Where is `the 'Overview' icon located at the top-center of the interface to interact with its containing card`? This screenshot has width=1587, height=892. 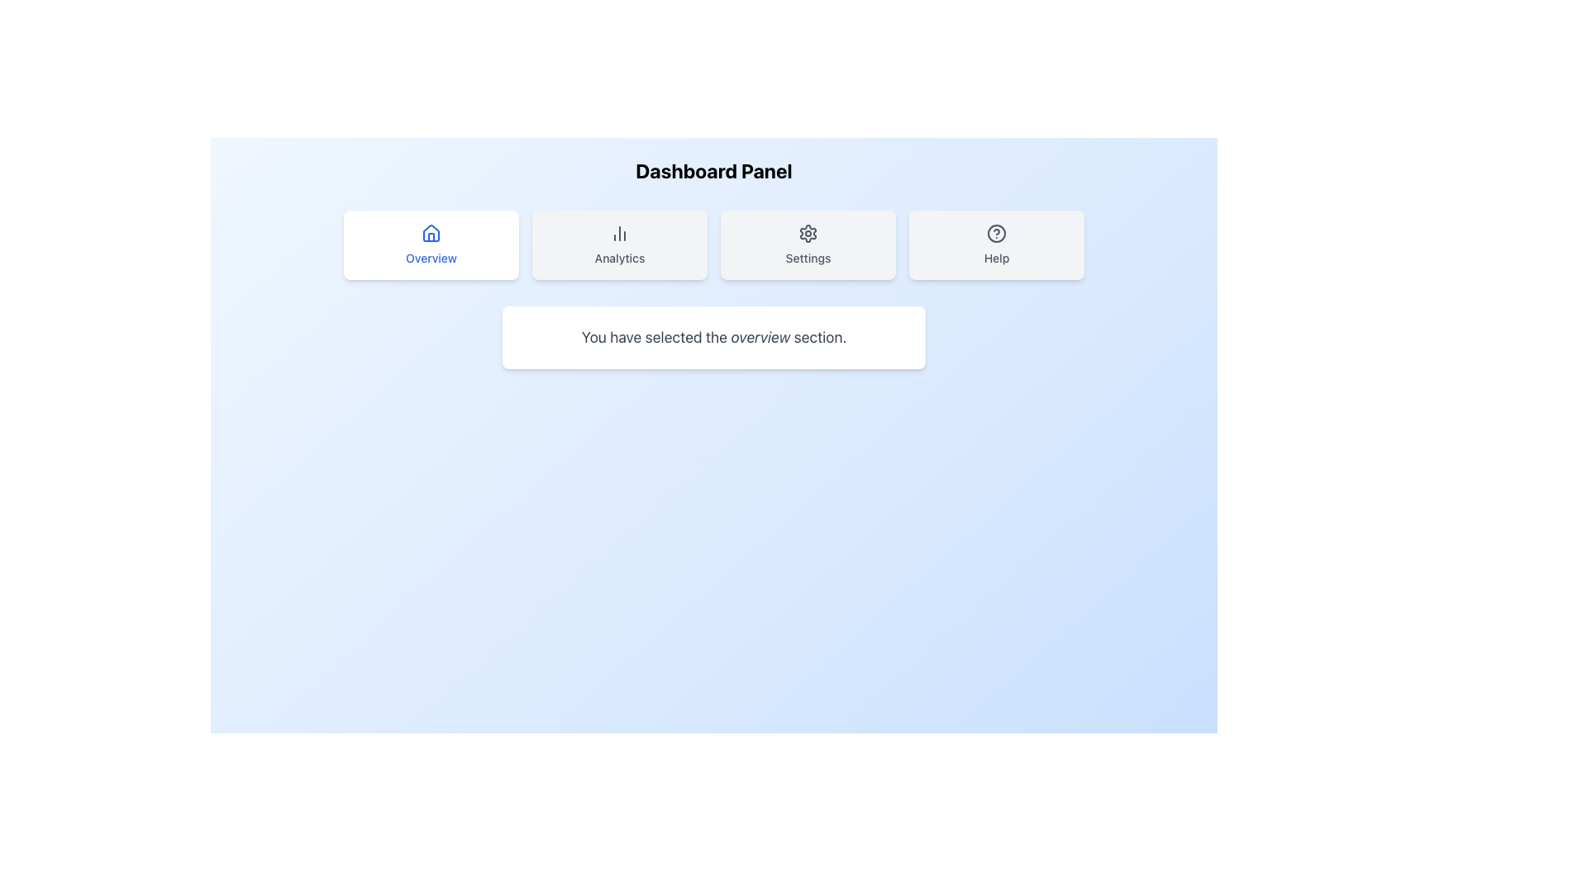
the 'Overview' icon located at the top-center of the interface to interact with its containing card is located at coordinates (431, 233).